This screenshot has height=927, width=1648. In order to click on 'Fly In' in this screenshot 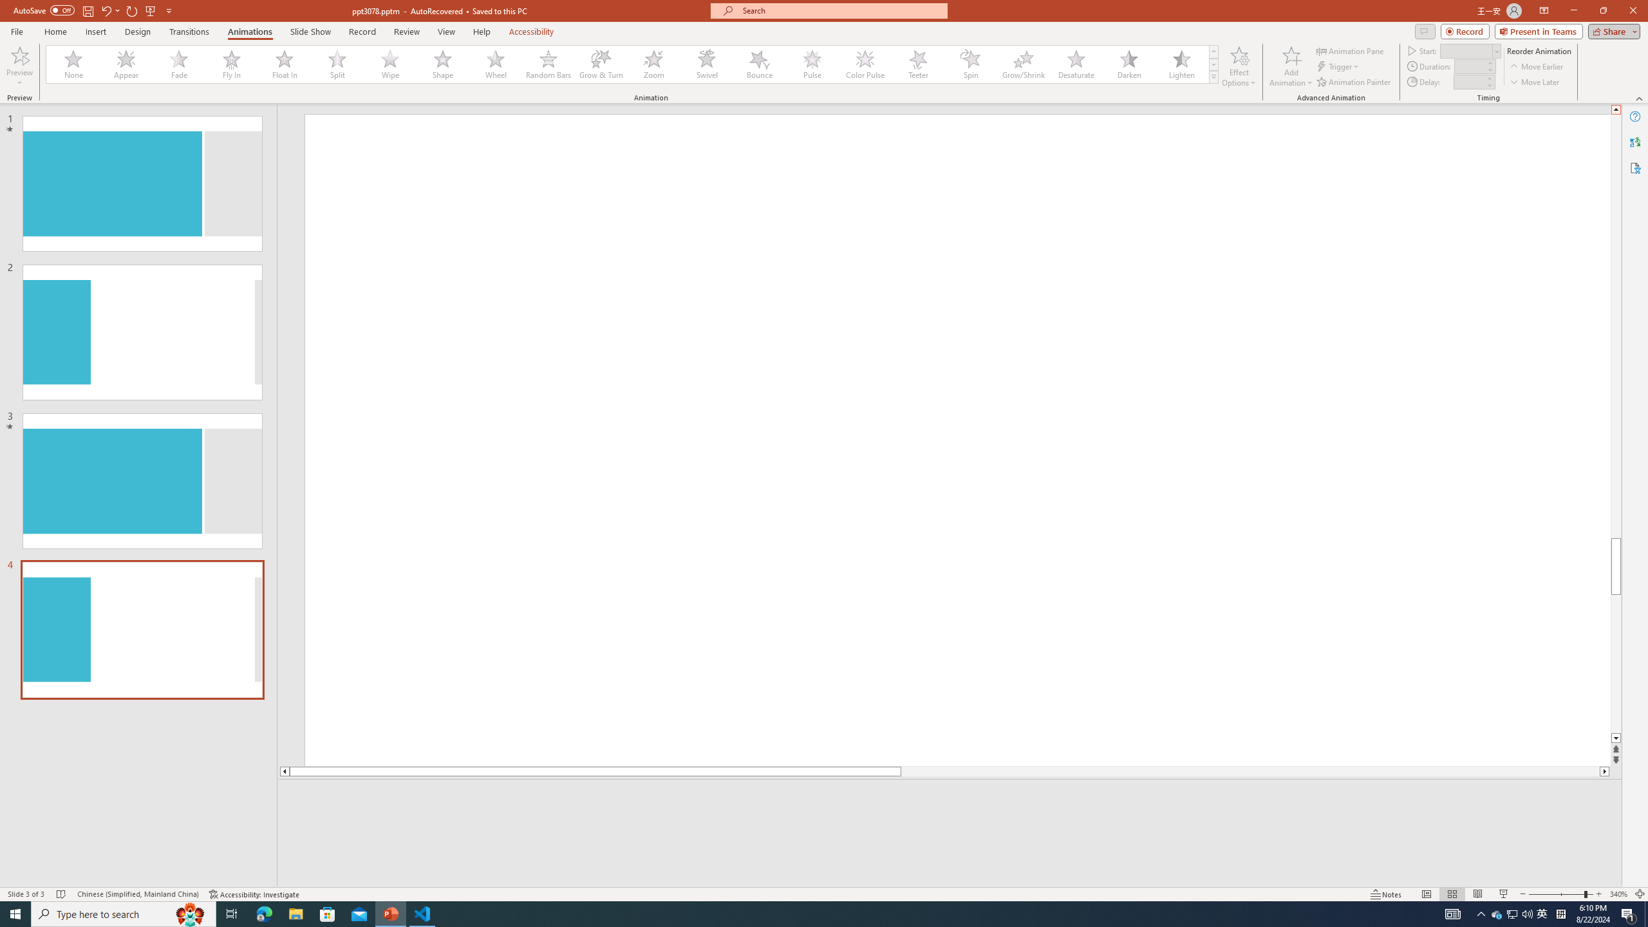, I will do `click(231, 64)`.